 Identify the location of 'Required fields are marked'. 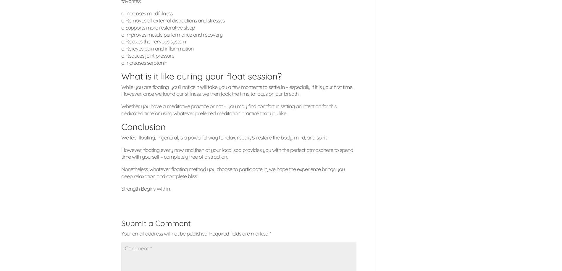
(209, 233).